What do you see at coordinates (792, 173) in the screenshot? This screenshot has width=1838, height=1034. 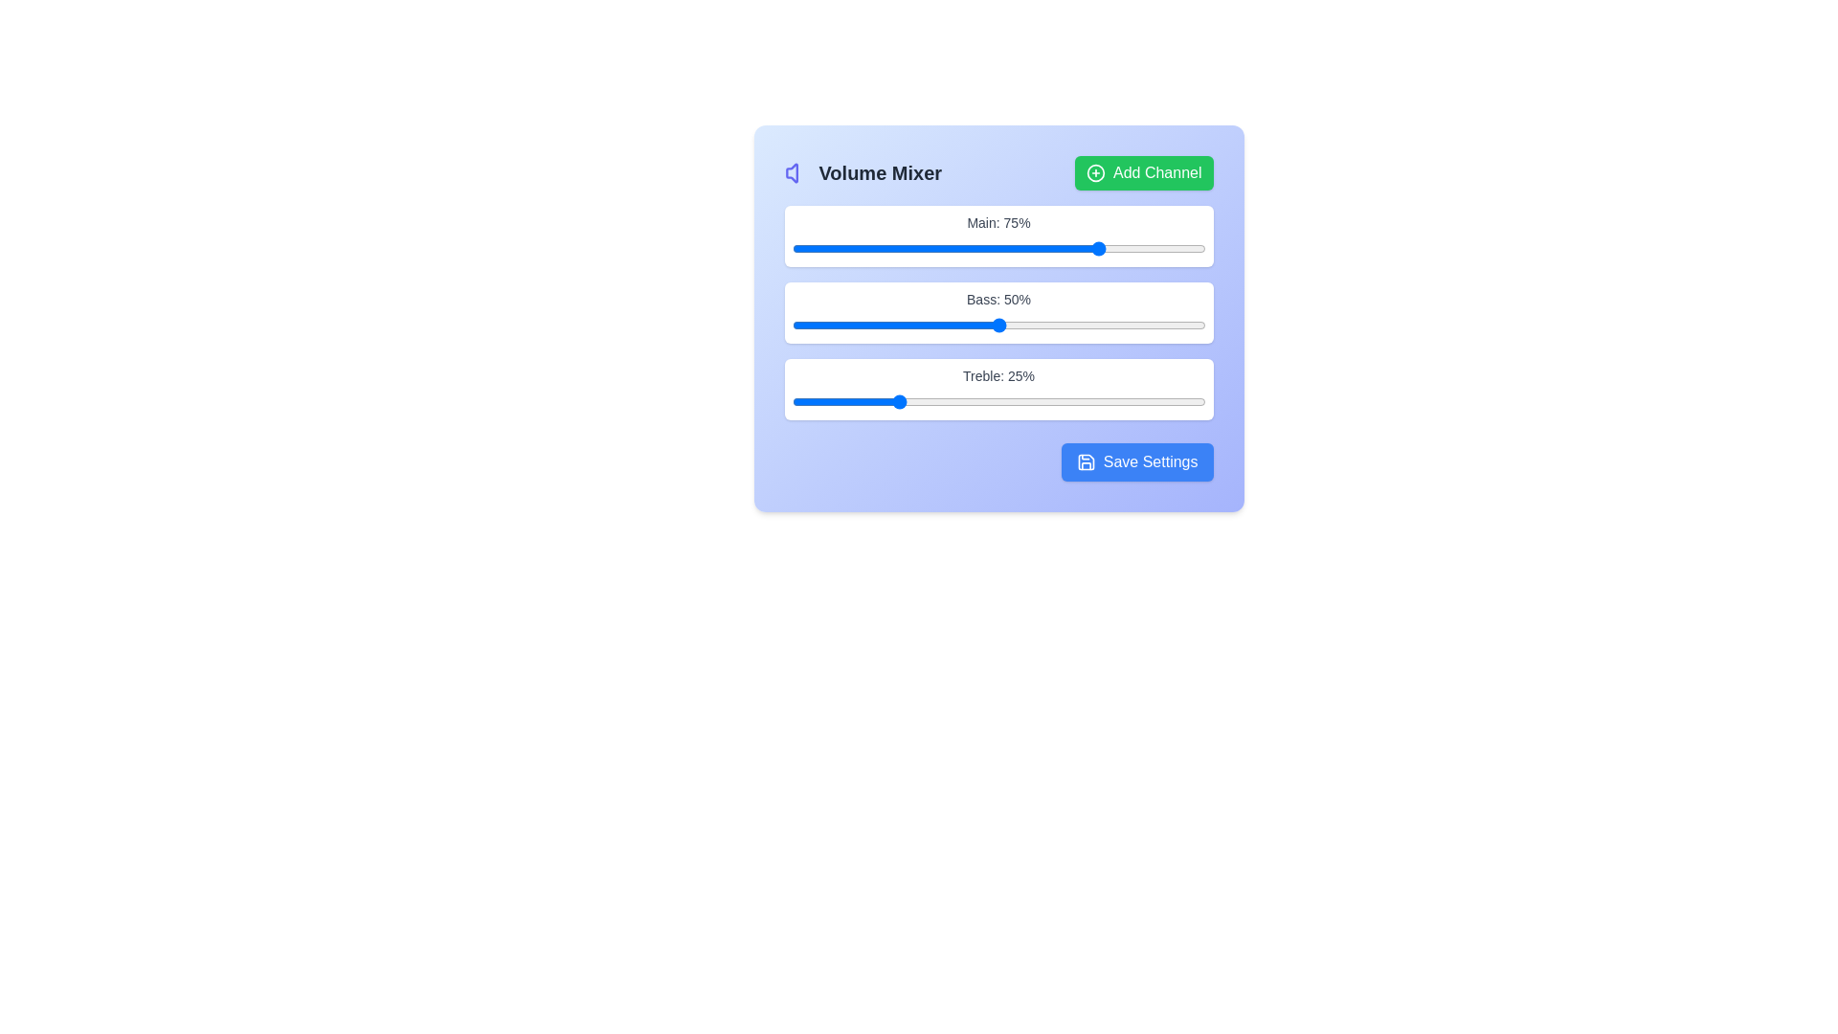 I see `the volume control icon located at the top left corner of the interface, just left of the 'Volume Mixer' header` at bounding box center [792, 173].